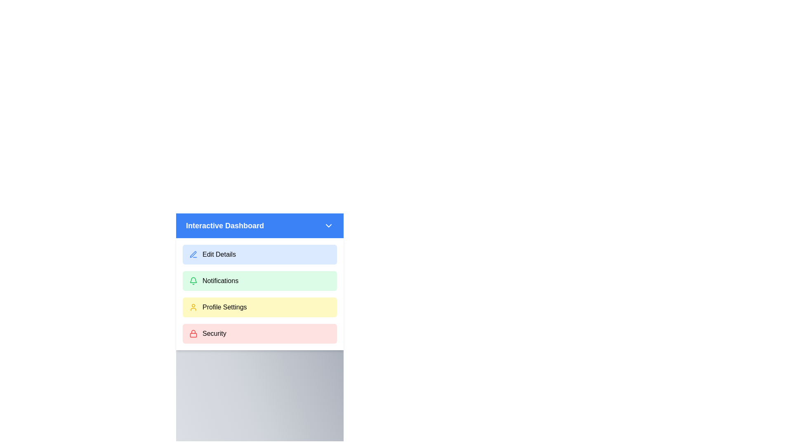  Describe the element at coordinates (259, 334) in the screenshot. I see `the menu option Security from the list` at that location.